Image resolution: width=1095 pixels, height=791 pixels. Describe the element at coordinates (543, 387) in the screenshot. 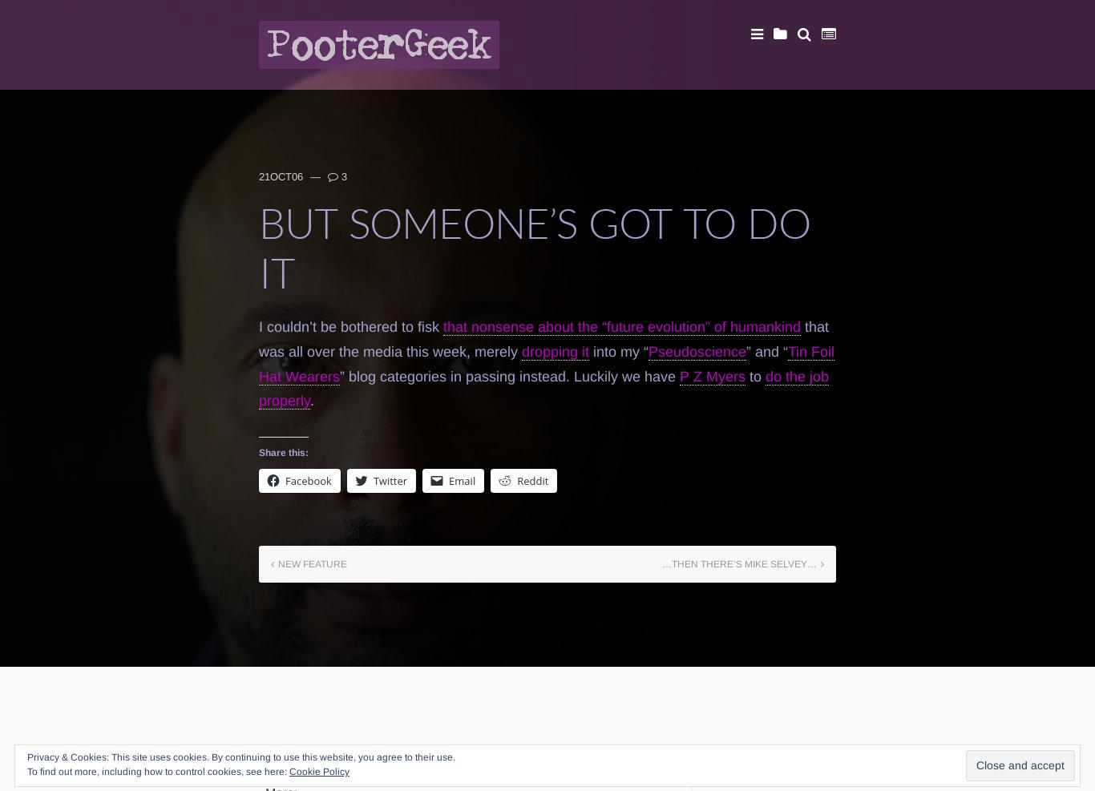

I see `'do the job properly'` at that location.